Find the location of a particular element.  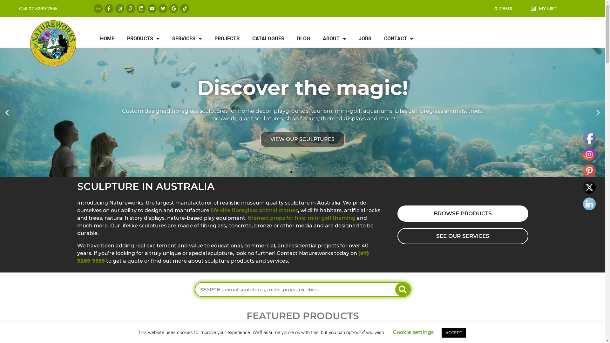

'life size fibreglass animal statues' is located at coordinates (254, 210).